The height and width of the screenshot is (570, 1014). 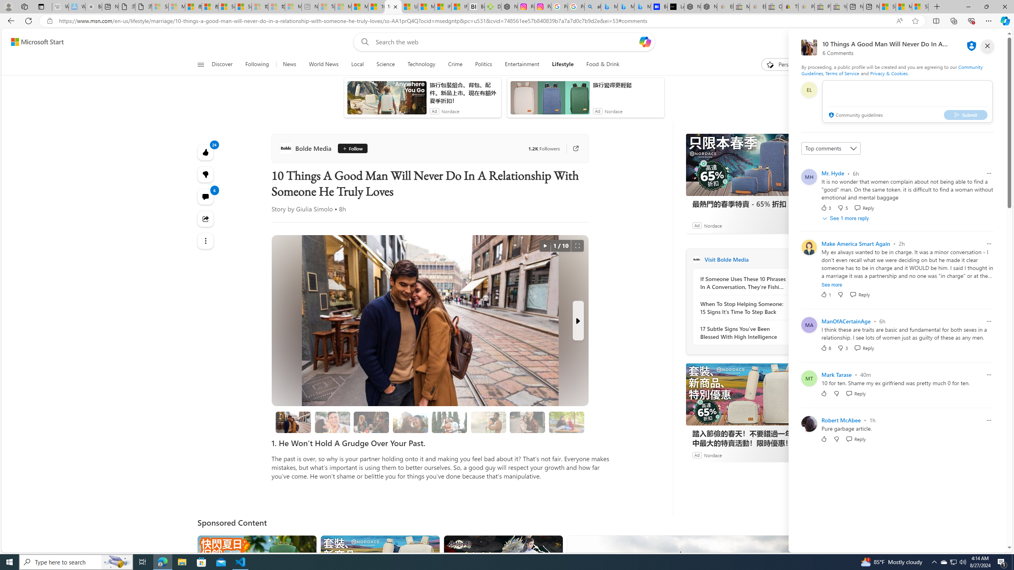 I want to click on 'Next Slide', so click(x=578, y=320).